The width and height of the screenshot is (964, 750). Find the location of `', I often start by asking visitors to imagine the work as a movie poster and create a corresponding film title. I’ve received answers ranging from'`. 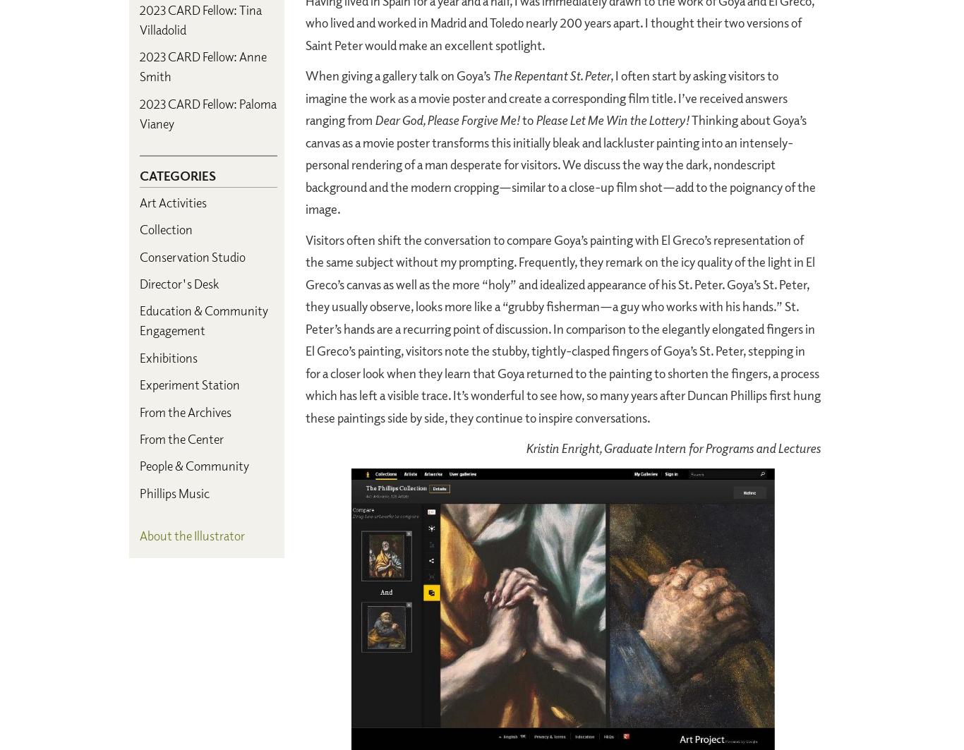

', I often start by asking visitors to imagine the work as a movie poster and create a corresponding film title. I’ve received answers ranging from' is located at coordinates (546, 97).